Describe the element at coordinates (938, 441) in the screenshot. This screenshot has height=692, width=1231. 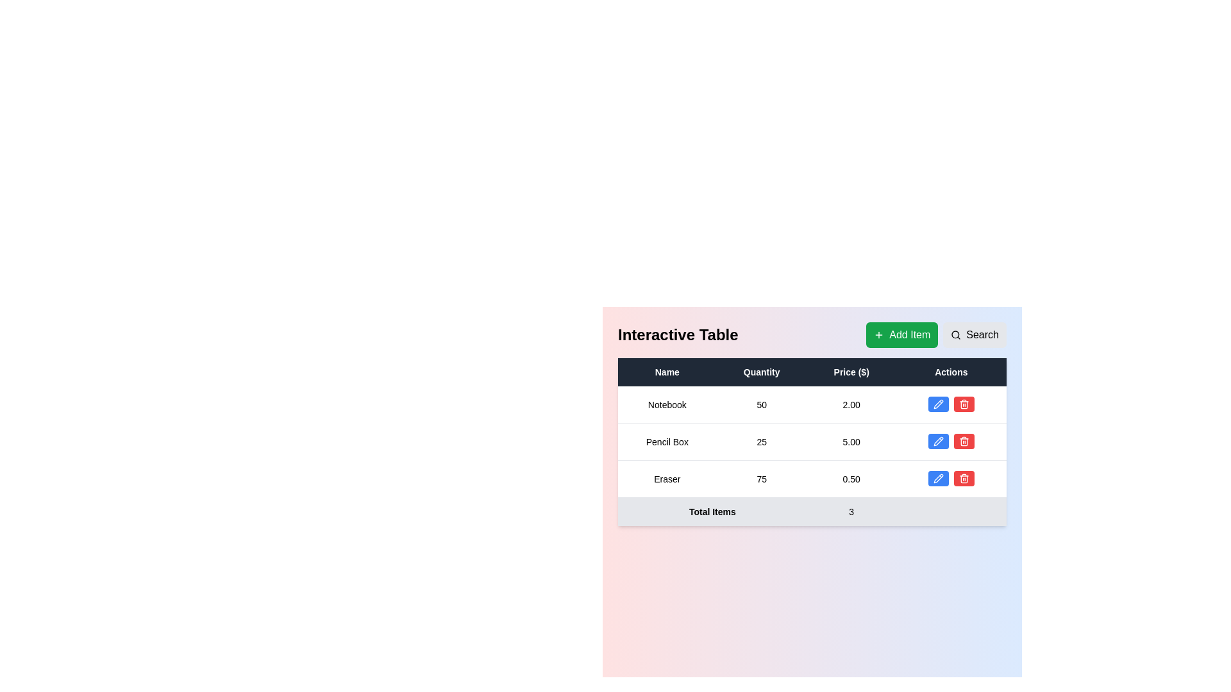
I see `the 'Edit' icon button located in the 'Actions' column of the second row in the 'Interactive Table'` at that location.